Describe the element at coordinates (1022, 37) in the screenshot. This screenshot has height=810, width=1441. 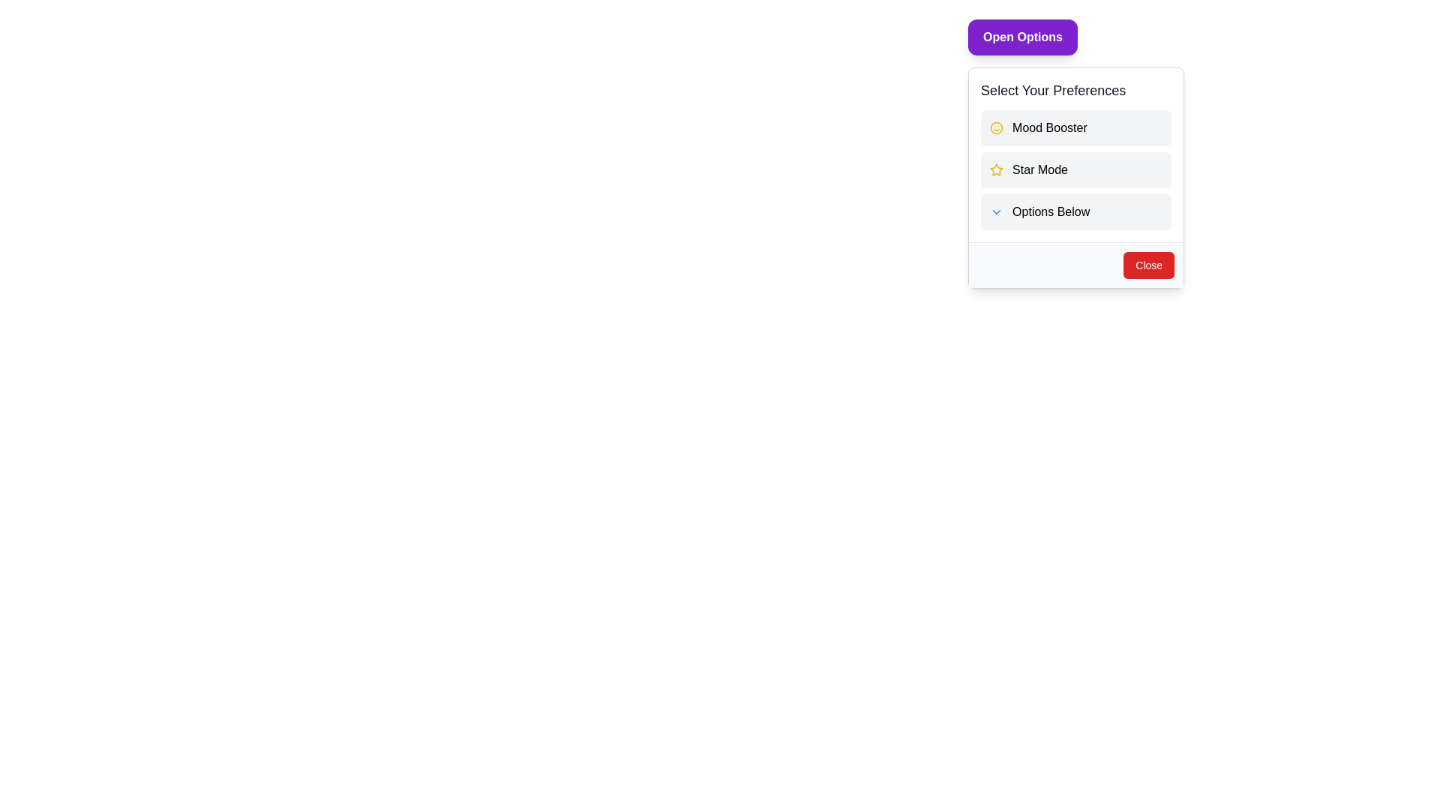
I see `the toggle button located at the top-center of the card interface` at that location.